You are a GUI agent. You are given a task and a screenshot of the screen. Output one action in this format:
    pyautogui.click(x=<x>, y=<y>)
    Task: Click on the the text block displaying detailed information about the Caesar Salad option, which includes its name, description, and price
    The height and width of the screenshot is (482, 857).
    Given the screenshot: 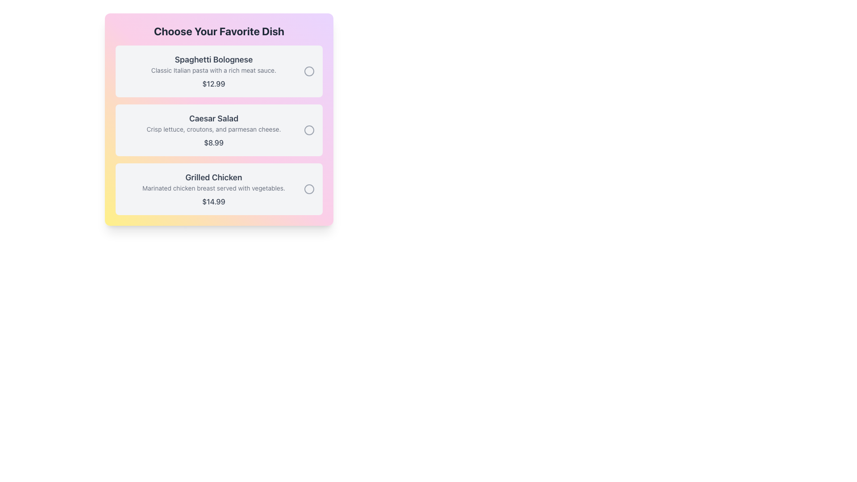 What is the action you would take?
    pyautogui.click(x=213, y=130)
    